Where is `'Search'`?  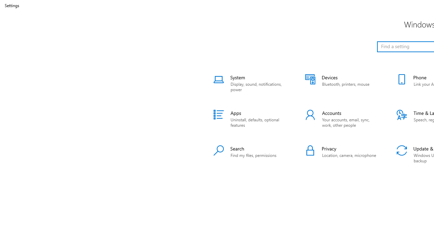
'Search' is located at coordinates (250, 155).